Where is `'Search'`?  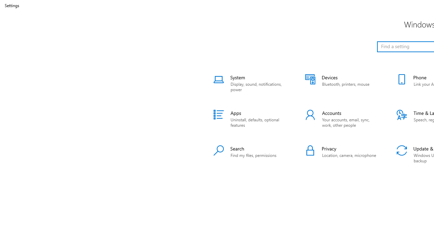
'Search' is located at coordinates (250, 155).